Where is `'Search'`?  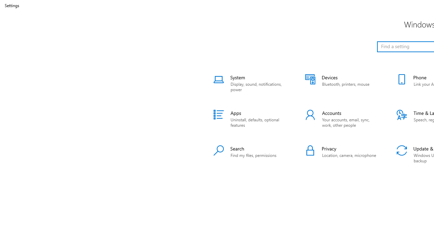
'Search' is located at coordinates (250, 155).